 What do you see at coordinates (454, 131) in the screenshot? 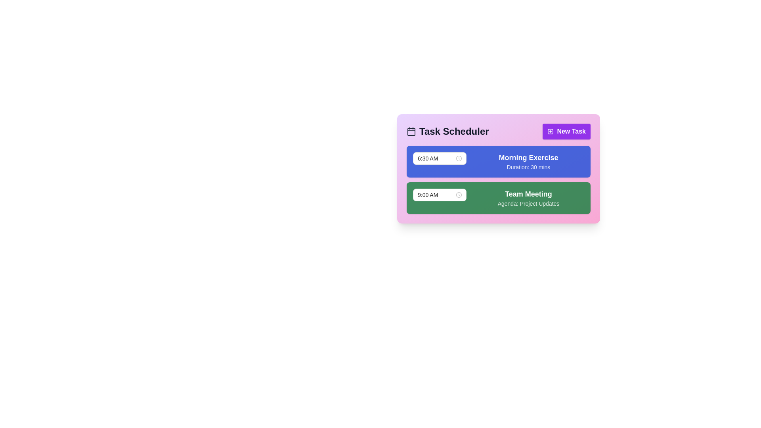
I see `the heading element displaying 'Task Scheduler' which is bold, large, and black on a purple background, located in the upper-left section of the card` at bounding box center [454, 131].